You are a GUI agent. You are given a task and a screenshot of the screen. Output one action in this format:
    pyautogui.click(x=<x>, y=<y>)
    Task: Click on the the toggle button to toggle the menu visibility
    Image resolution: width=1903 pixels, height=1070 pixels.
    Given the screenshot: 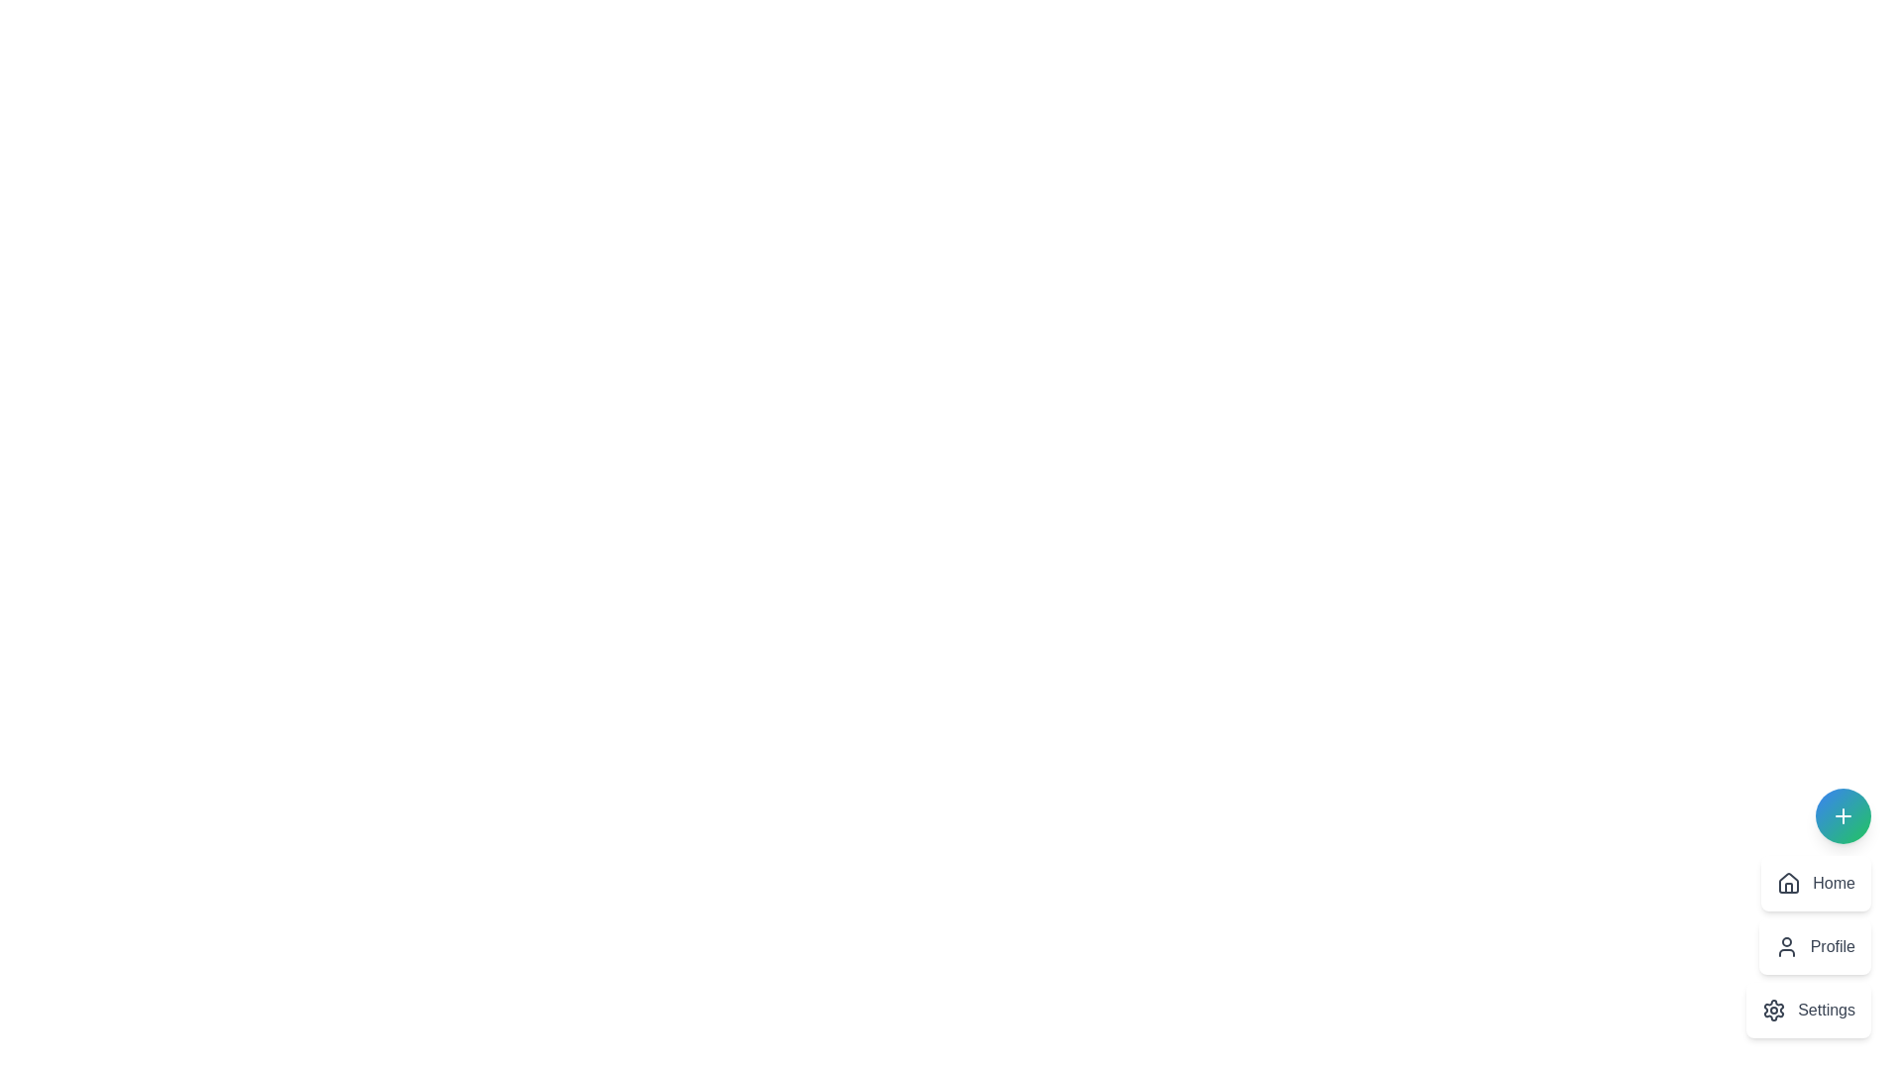 What is the action you would take?
    pyautogui.click(x=1843, y=816)
    